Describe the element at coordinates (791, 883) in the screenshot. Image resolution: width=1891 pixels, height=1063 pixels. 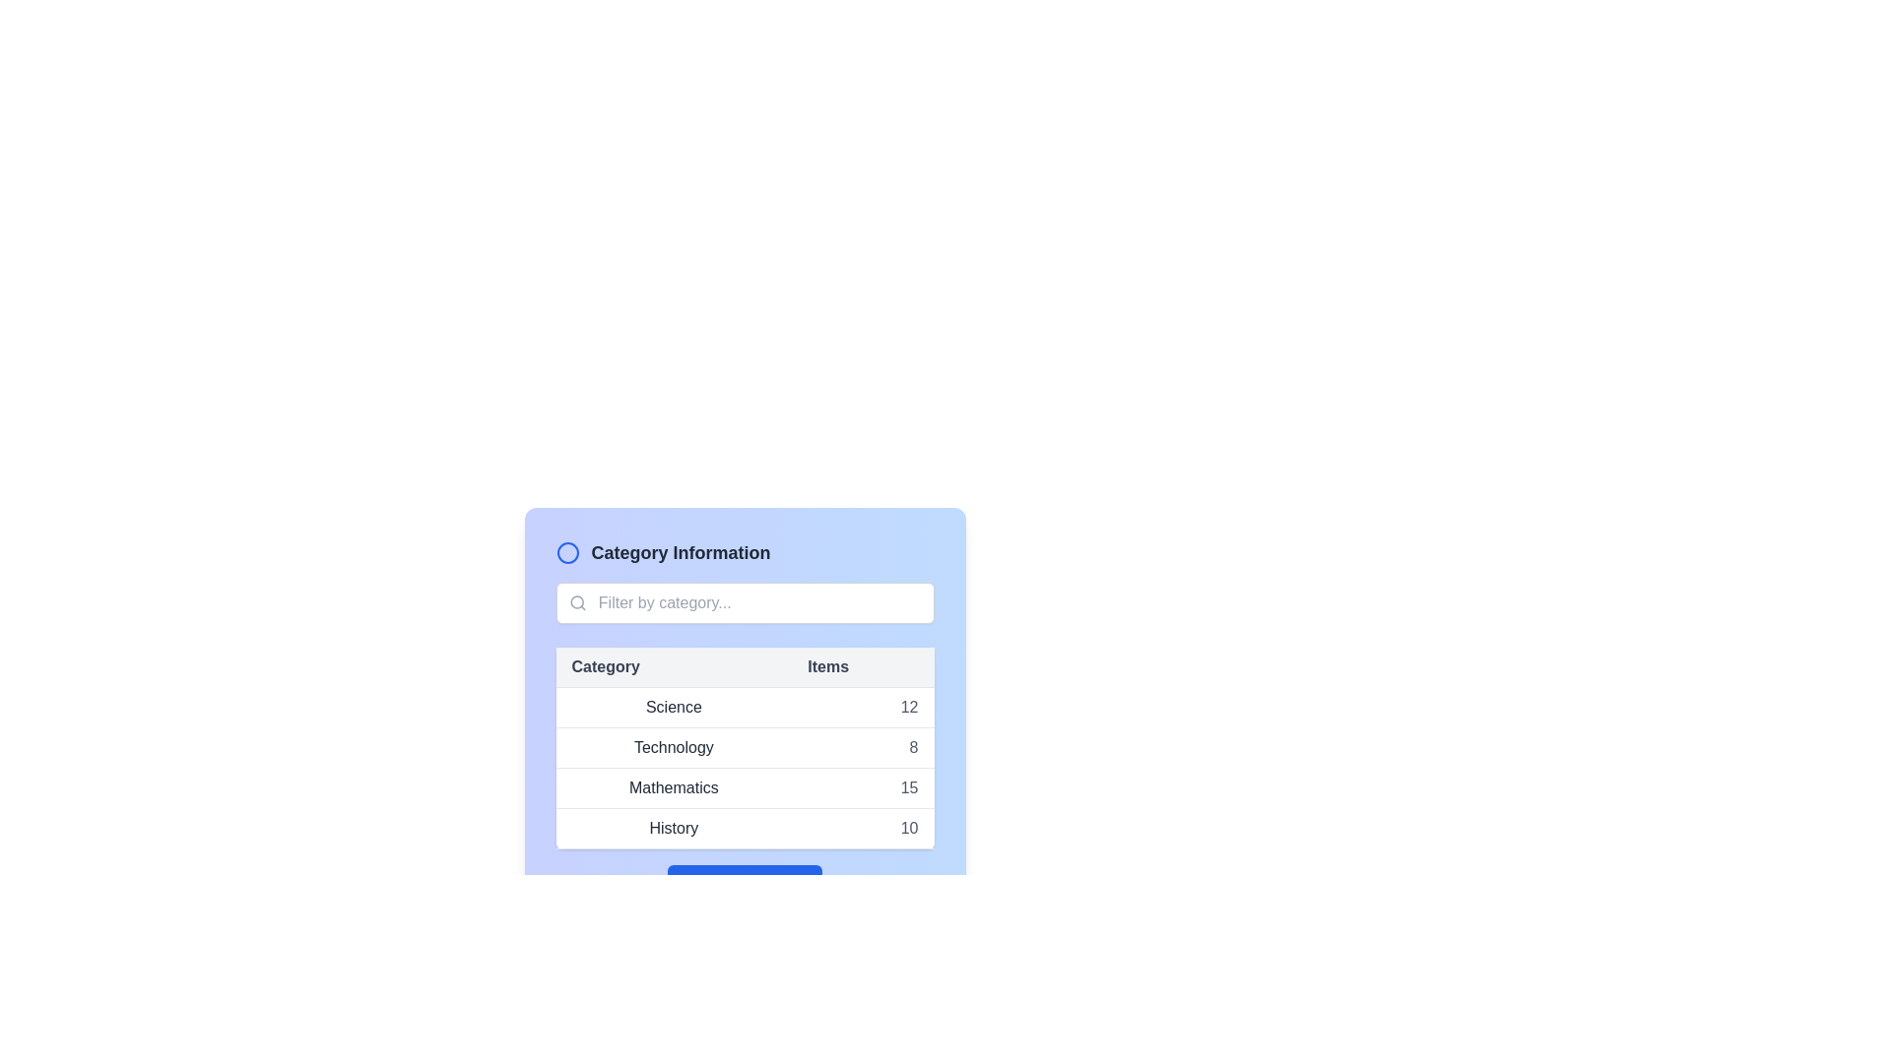
I see `the circular SVG element with a hollow center, which is part of an icon located at the bottom-right corner of the interface` at that location.